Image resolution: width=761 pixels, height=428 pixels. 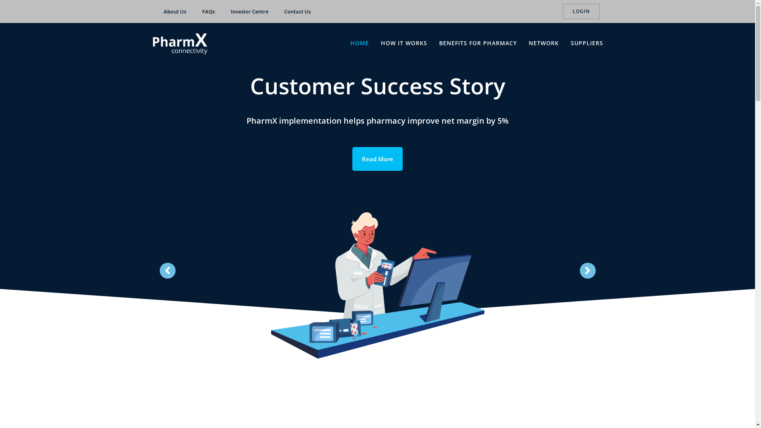 I want to click on 'FAQs', so click(x=208, y=11).